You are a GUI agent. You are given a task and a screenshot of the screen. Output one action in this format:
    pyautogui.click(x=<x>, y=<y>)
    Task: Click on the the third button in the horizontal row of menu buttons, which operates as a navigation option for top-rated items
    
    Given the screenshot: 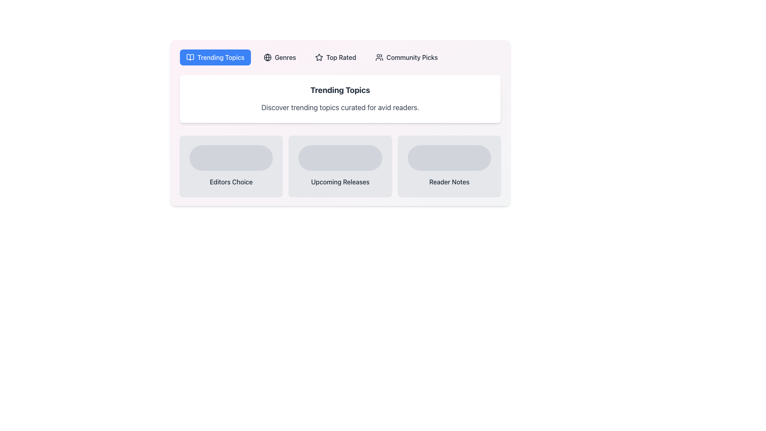 What is the action you would take?
    pyautogui.click(x=336, y=57)
    